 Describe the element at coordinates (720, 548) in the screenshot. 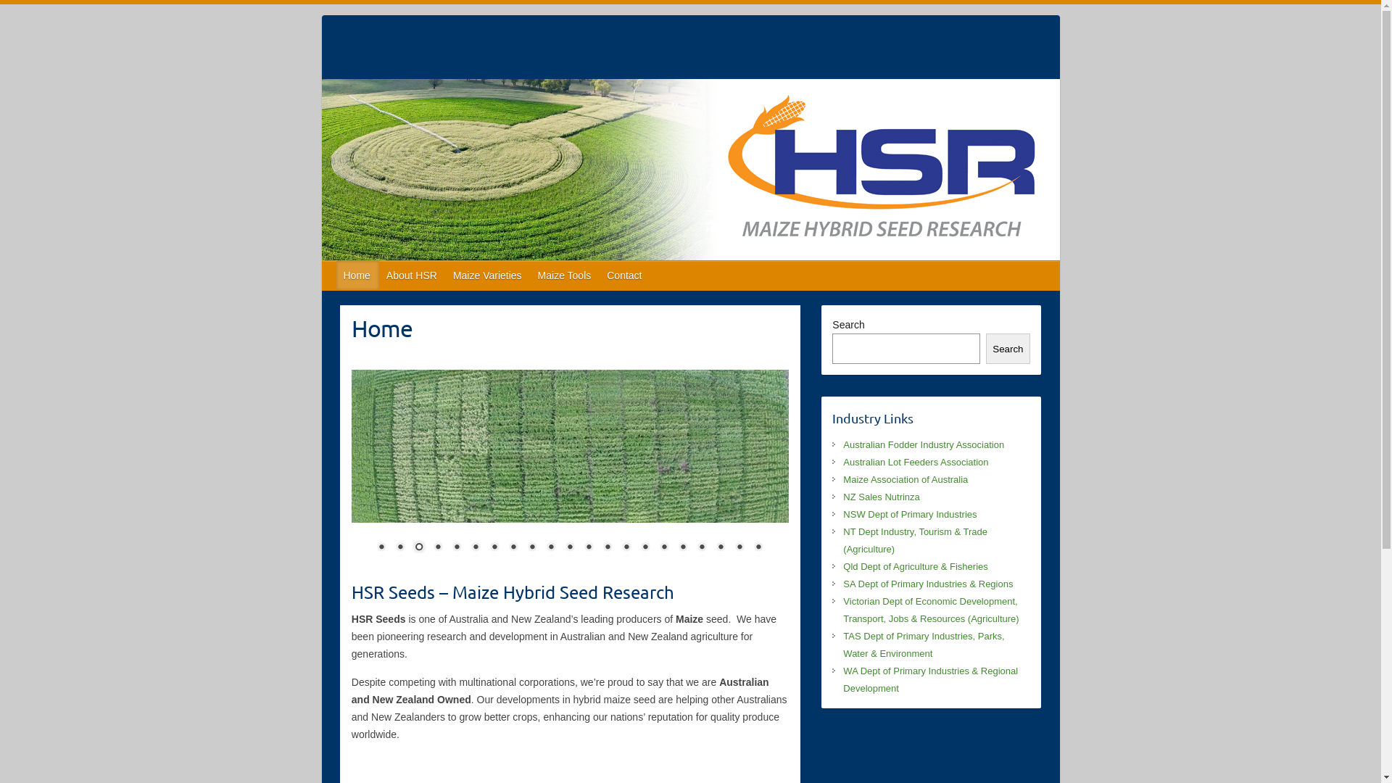

I see `'19'` at that location.